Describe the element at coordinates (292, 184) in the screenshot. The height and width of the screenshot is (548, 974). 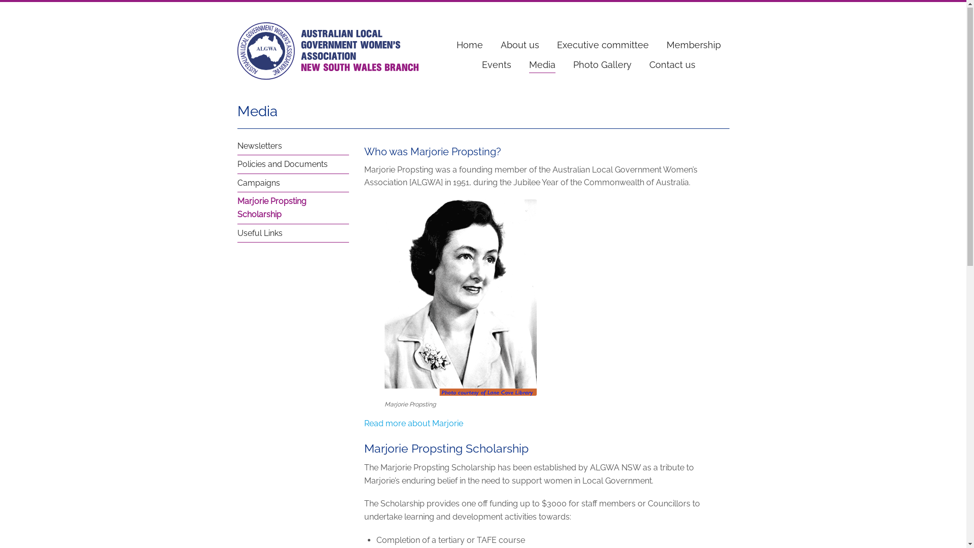
I see `'Campaigns'` at that location.